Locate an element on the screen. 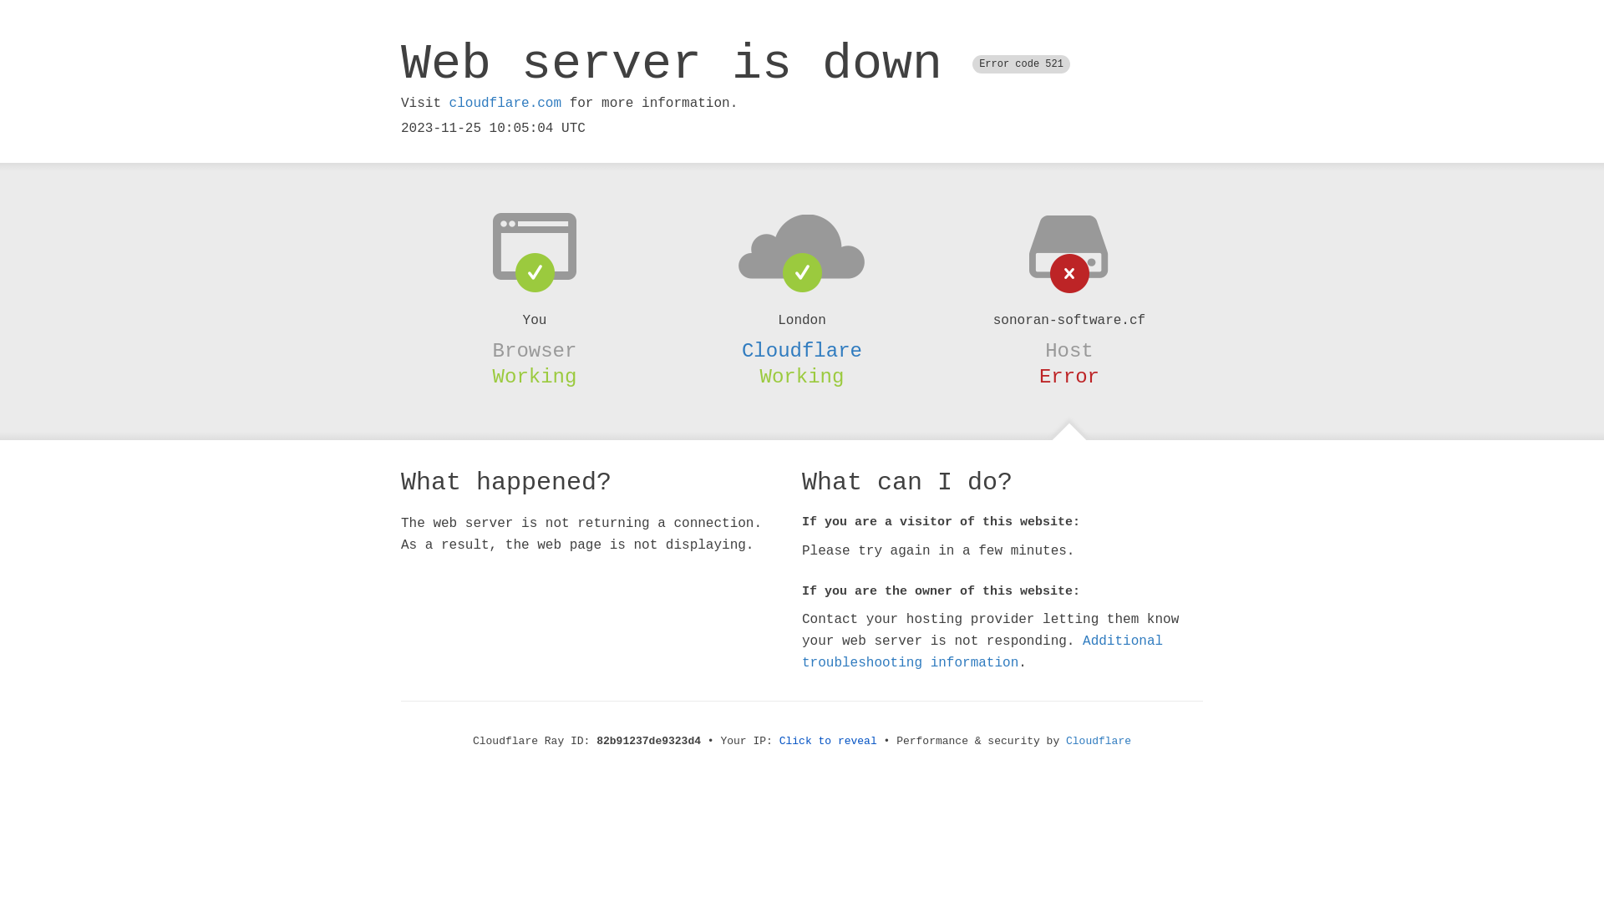 Image resolution: width=1604 pixels, height=902 pixels. 'Cloudflare' is located at coordinates (802, 350).